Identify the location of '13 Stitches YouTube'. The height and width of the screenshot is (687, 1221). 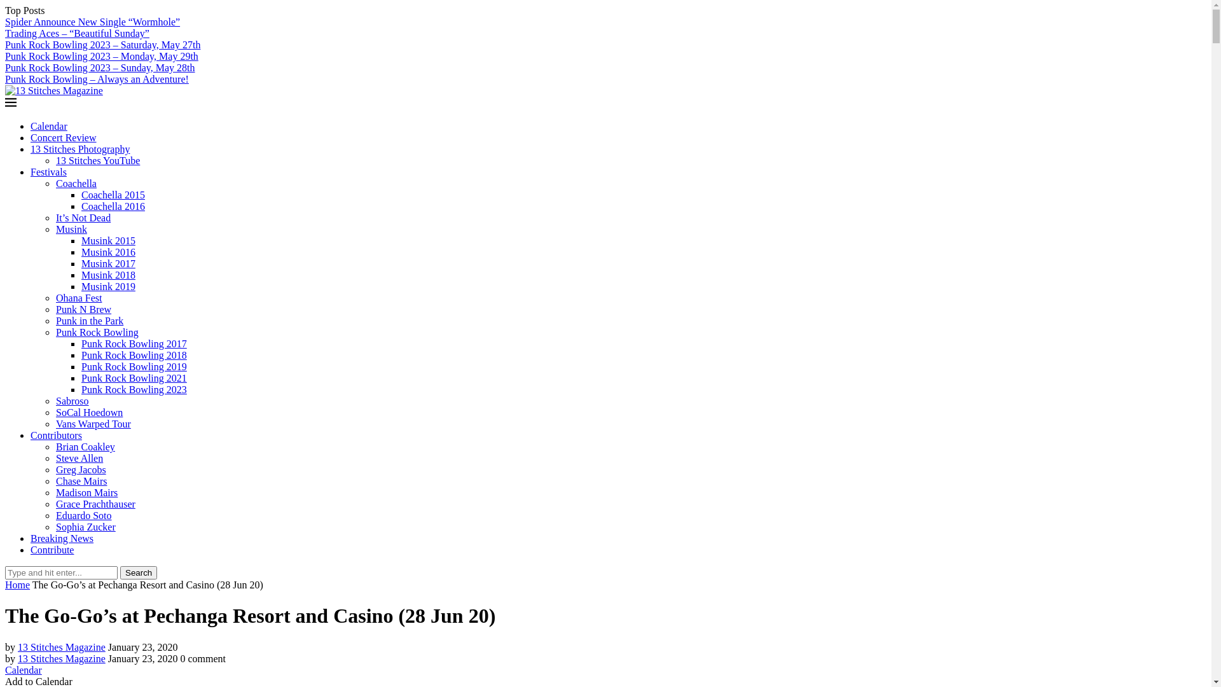
(97, 160).